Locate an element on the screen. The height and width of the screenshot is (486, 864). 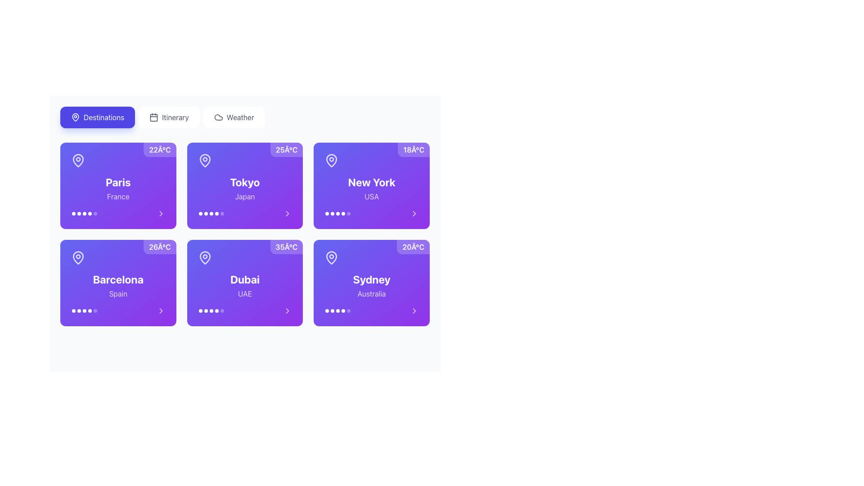
the Chevron-right icon located in the bottom-right corner of the 'Tokyo' card is located at coordinates (287, 213).